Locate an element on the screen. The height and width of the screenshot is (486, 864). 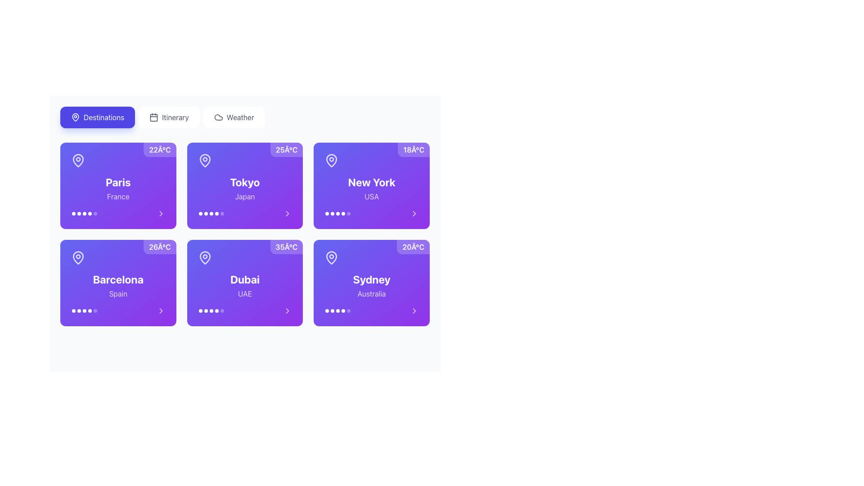
the Chevron-right icon located in the bottom-right corner of the 'Tokyo' card is located at coordinates (287, 213).